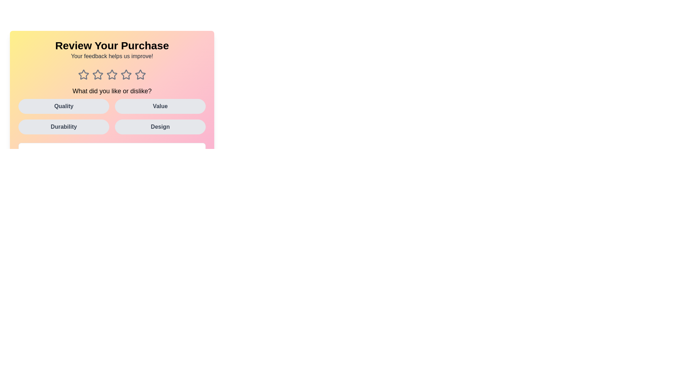 This screenshot has width=681, height=383. Describe the element at coordinates (64, 127) in the screenshot. I see `the 'Durability' button, which has rounded corners, a light gray background, and dark gray text, located in the bottom-left part of a 2x2 grid layout, immediately below the 'Quality' button` at that location.